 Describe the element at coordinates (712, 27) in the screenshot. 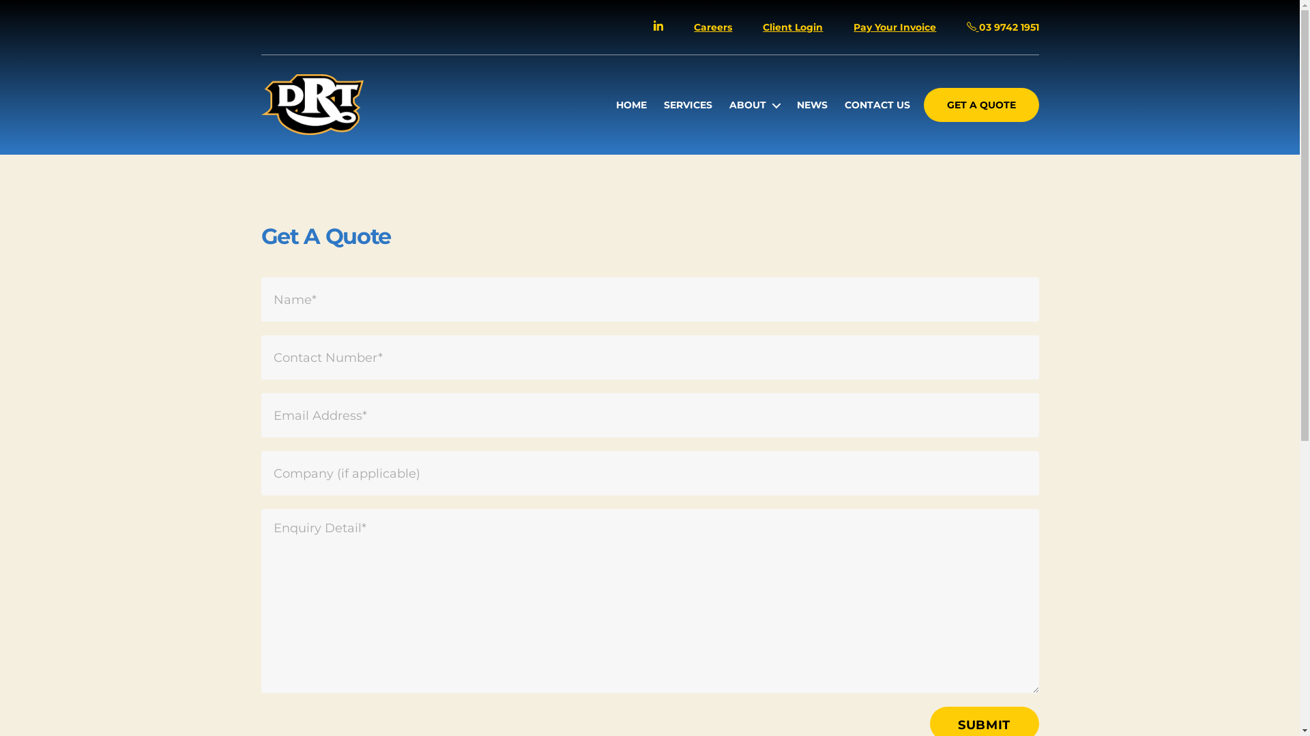

I see `'Careers'` at that location.